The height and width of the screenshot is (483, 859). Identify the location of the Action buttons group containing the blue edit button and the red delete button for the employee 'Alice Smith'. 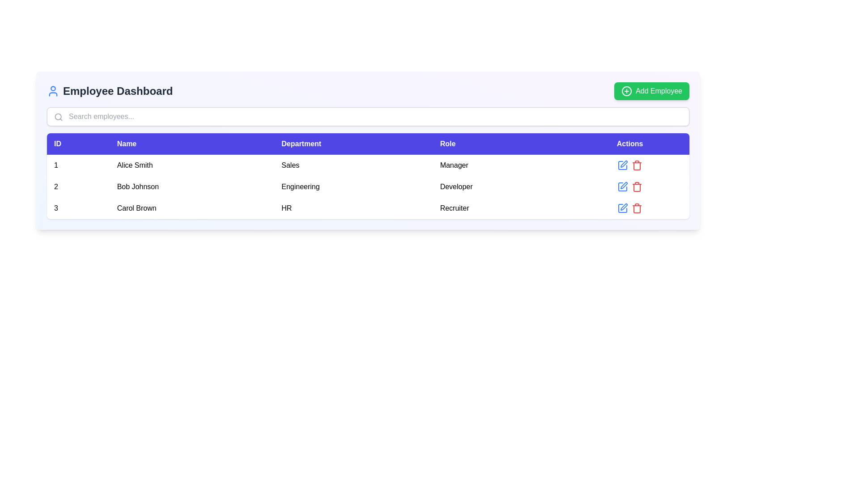
(629, 165).